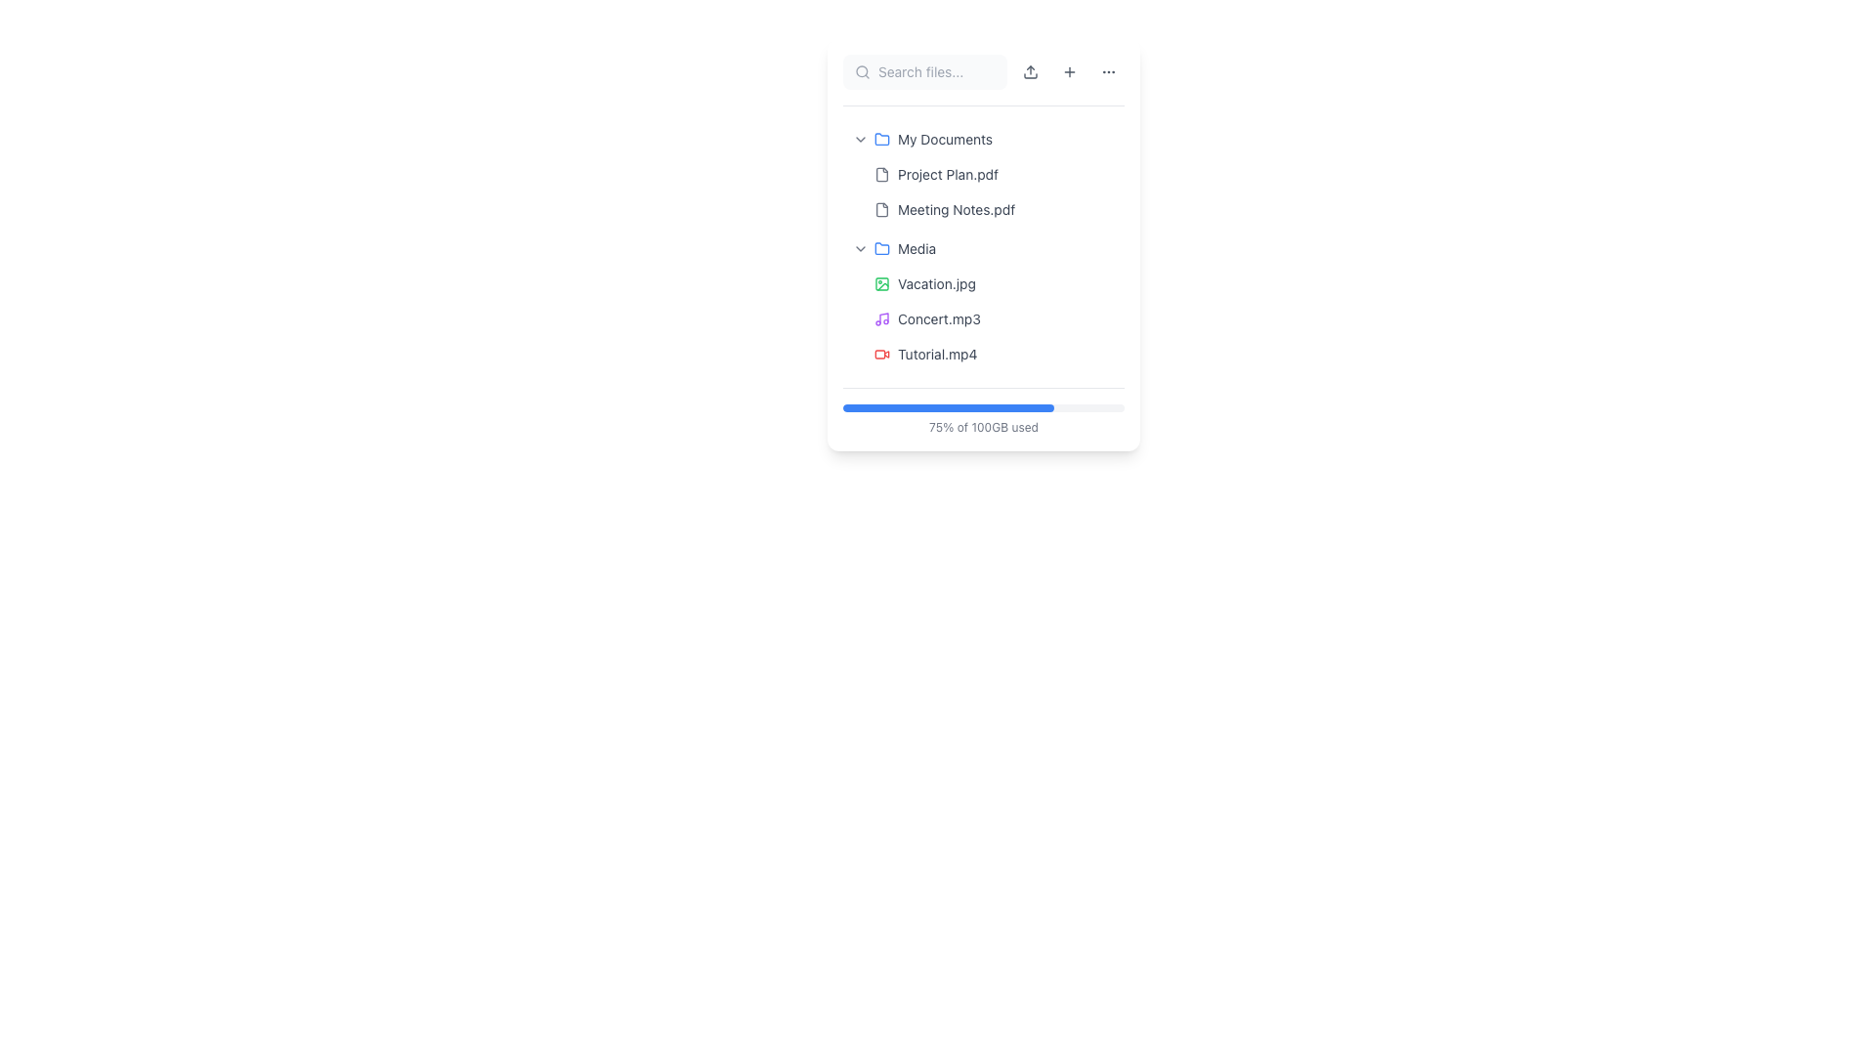 Image resolution: width=1876 pixels, height=1055 pixels. What do you see at coordinates (862, 70) in the screenshot?
I see `the search icon located at the left side of the search bar` at bounding box center [862, 70].